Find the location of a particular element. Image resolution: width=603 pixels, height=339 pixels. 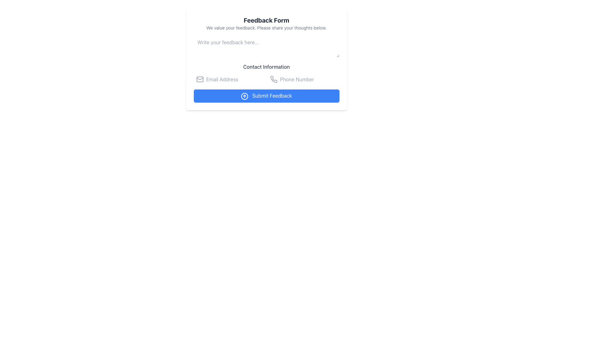

the text label indicating contact information, which is positioned below the feedback input box and above the email and phone input fields is located at coordinates (266, 67).